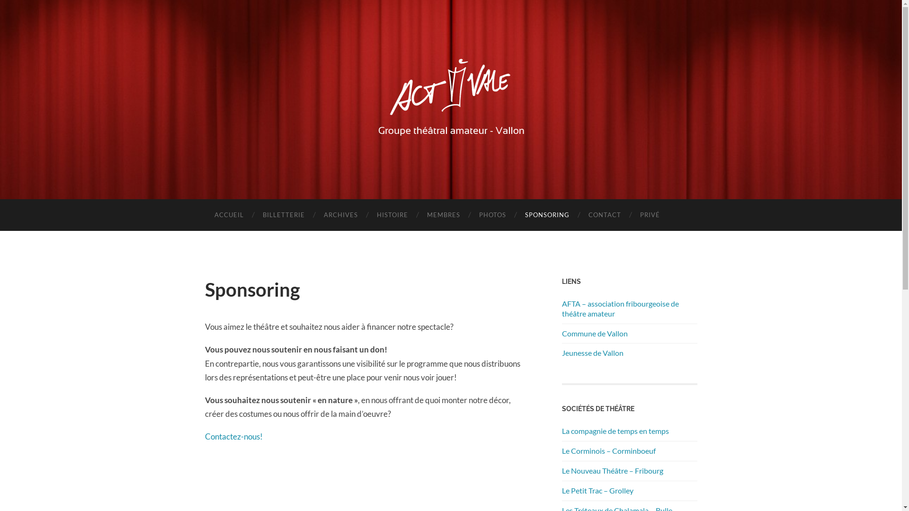 The width and height of the screenshot is (909, 511). What do you see at coordinates (561, 333) in the screenshot?
I see `'Commune de Vallon'` at bounding box center [561, 333].